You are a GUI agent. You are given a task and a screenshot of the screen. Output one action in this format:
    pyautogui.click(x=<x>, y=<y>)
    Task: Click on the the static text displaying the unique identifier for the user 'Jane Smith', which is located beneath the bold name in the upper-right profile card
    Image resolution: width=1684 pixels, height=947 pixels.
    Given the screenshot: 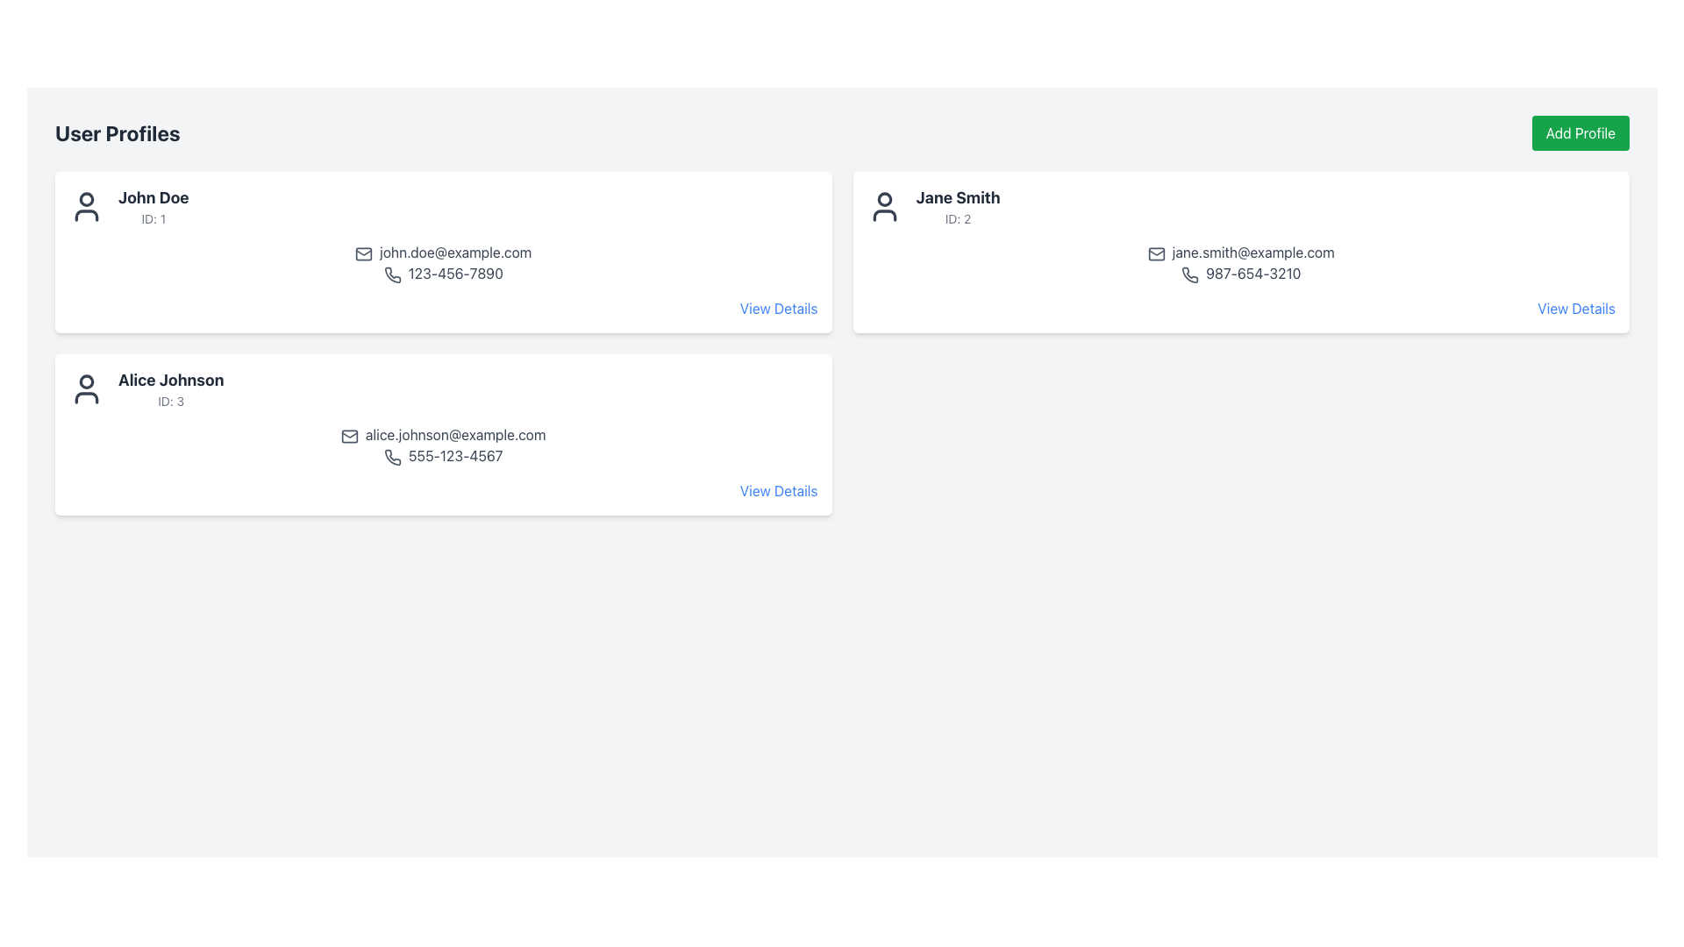 What is the action you would take?
    pyautogui.click(x=957, y=218)
    